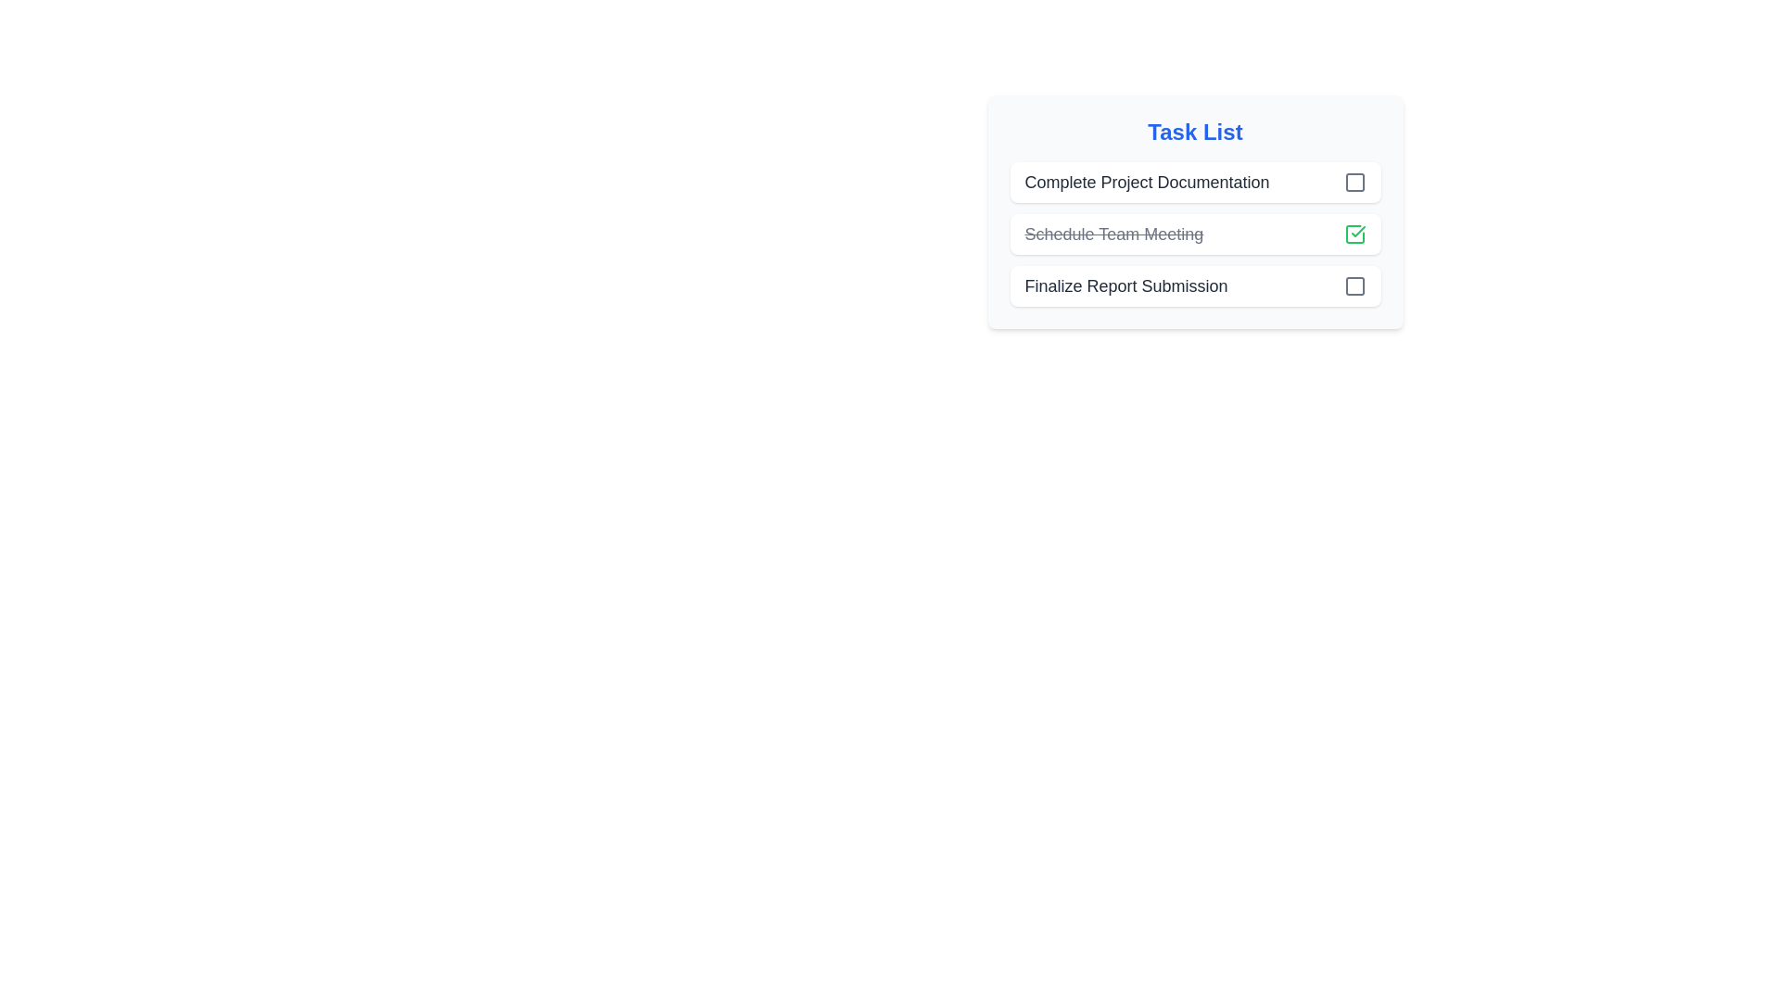  I want to click on the task item display titled 'Schedule Team Meeting', which has a strikethrough effect indicating completion and a green checkmark box on the right, so click(1195, 210).